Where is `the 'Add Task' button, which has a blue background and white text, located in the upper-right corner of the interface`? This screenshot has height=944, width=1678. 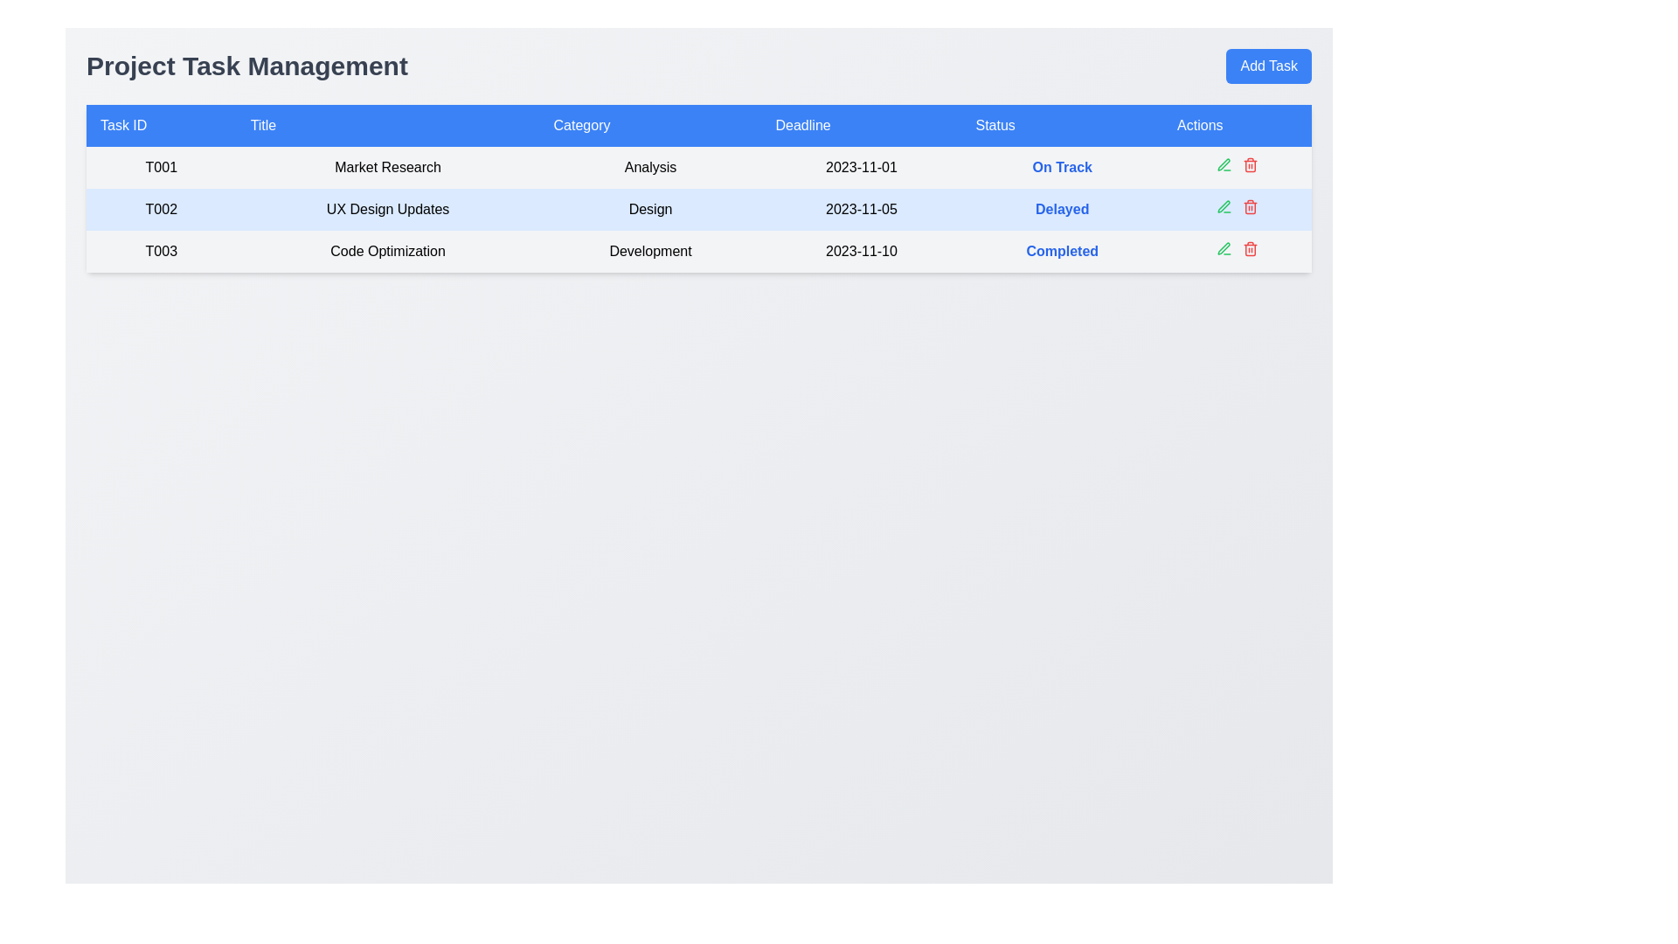 the 'Add Task' button, which has a blue background and white text, located in the upper-right corner of the interface is located at coordinates (1269, 66).